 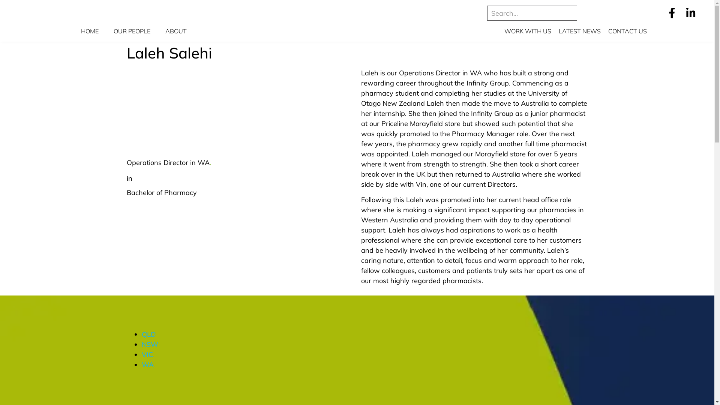 What do you see at coordinates (579, 31) in the screenshot?
I see `'LATEST NEWS'` at bounding box center [579, 31].